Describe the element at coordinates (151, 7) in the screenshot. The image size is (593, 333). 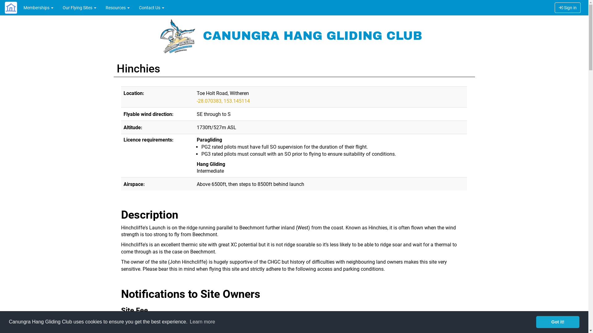
I see `'Contact Us'` at that location.